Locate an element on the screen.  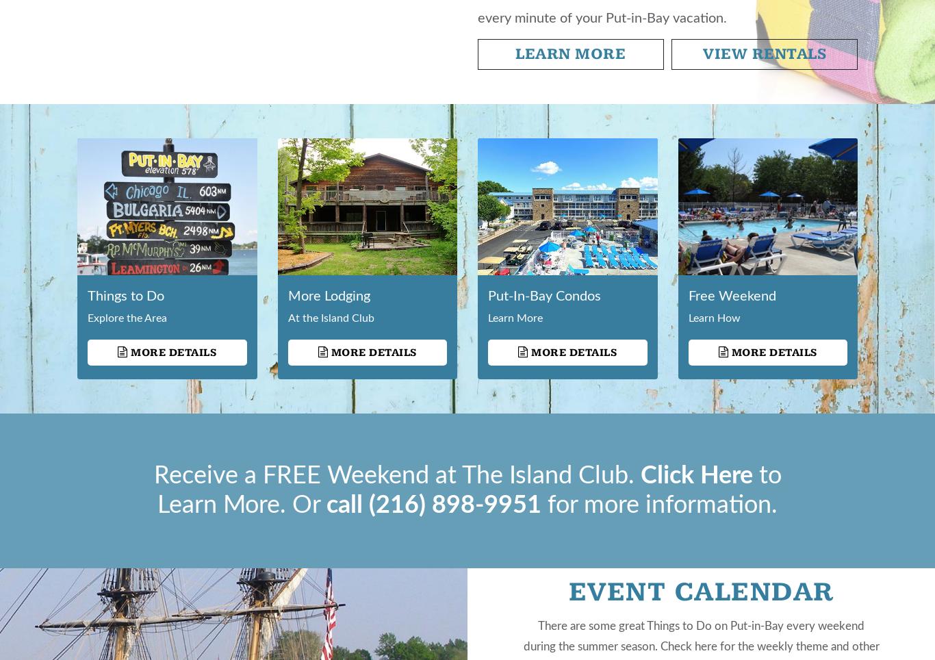
'Free Weekend' is located at coordinates (731, 294).